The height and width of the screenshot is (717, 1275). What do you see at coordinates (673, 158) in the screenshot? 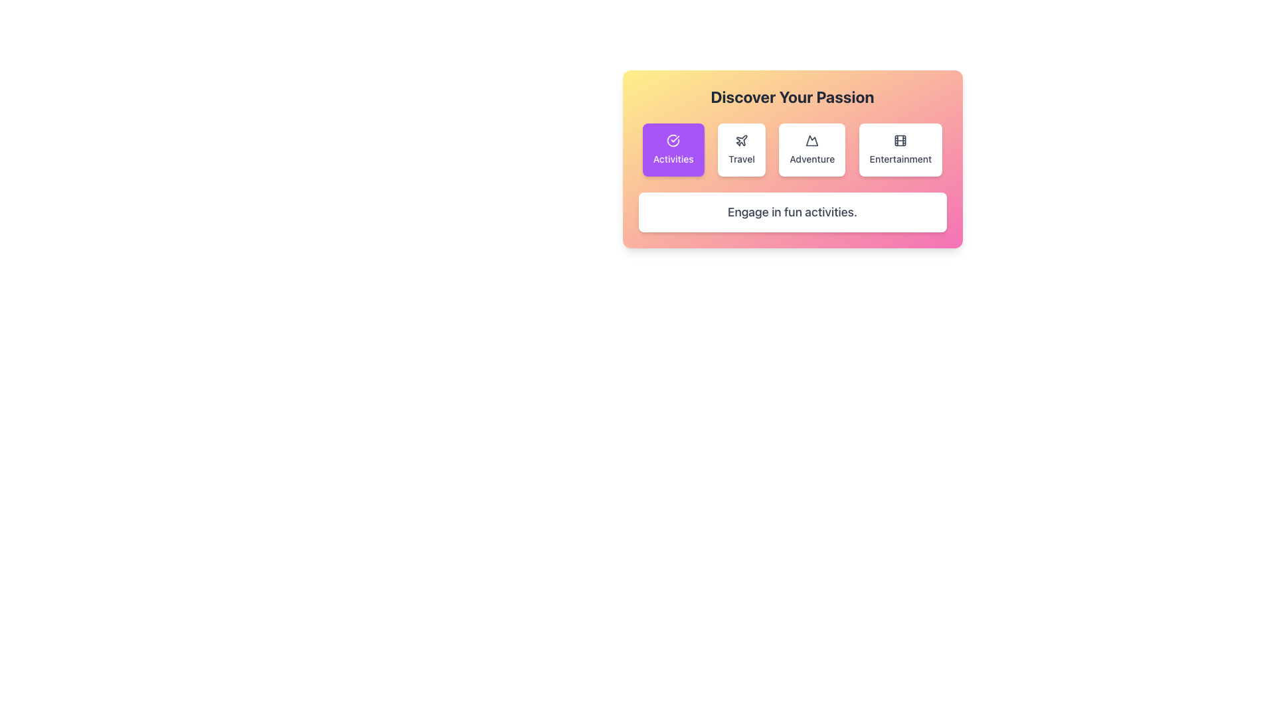
I see `the Text Label located at the bottom of the purple rounded rectangle card labeled 'Activities', which provides context for the card's purpose` at bounding box center [673, 158].